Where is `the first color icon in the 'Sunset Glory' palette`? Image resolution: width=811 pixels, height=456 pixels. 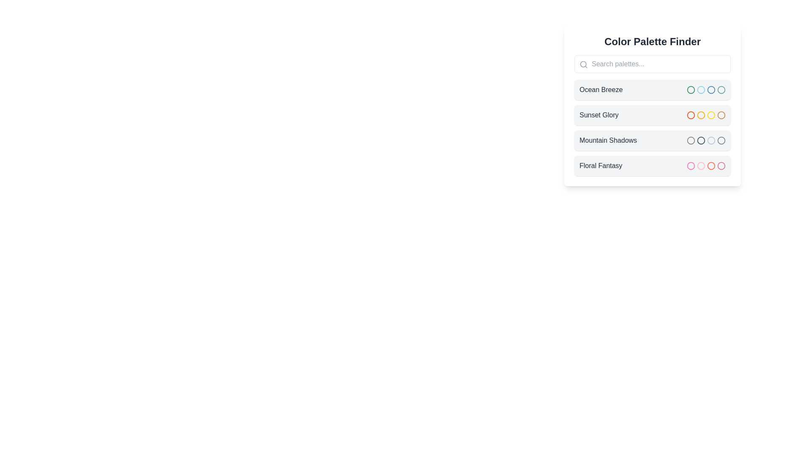 the first color icon in the 'Sunset Glory' palette is located at coordinates (691, 115).